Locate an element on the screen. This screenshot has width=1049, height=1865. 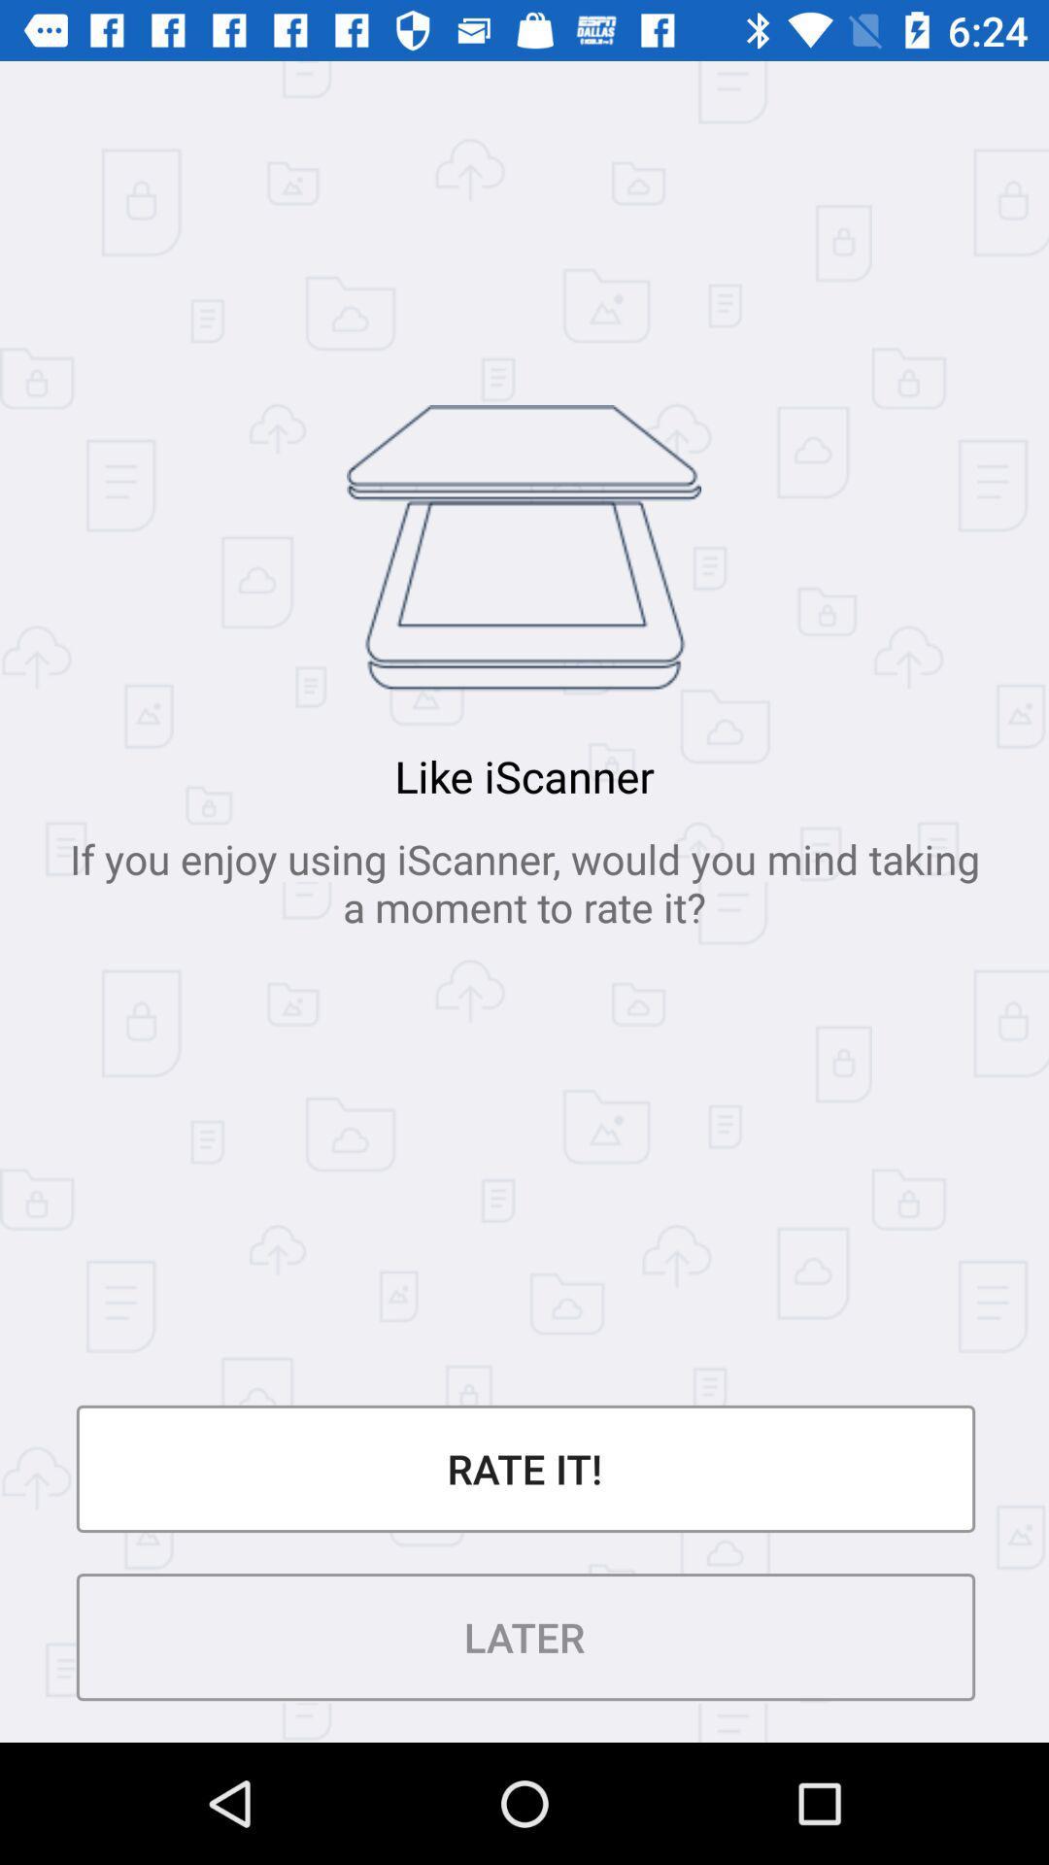
the later is located at coordinates (524, 1636).